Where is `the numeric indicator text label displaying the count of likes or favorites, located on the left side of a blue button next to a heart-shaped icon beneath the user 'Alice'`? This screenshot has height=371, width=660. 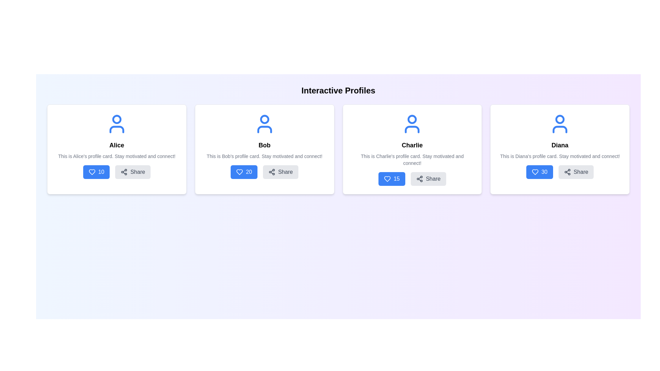 the numeric indicator text label displaying the count of likes or favorites, located on the left side of a blue button next to a heart-shaped icon beneath the user 'Alice' is located at coordinates (101, 172).